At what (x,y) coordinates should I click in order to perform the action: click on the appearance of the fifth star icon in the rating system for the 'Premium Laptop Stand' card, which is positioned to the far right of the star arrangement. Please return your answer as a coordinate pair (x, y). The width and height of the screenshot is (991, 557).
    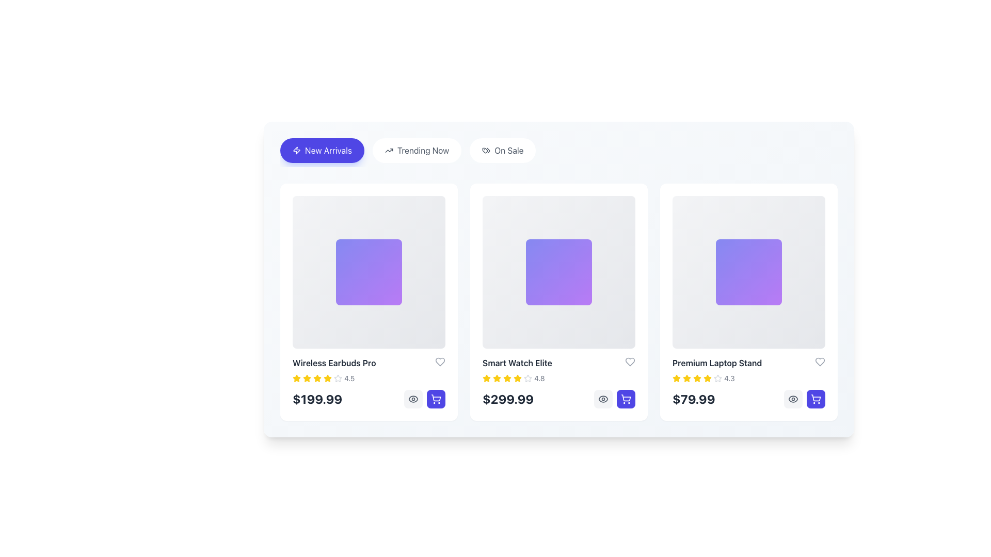
    Looking at the image, I should click on (717, 378).